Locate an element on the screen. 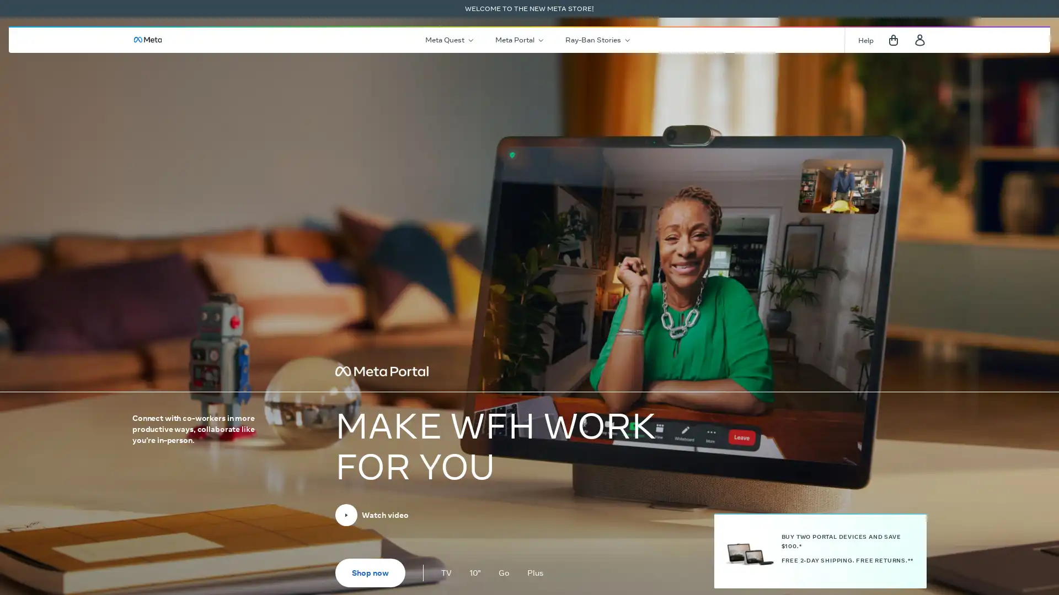 The width and height of the screenshot is (1059, 595). Watch video is located at coordinates (372, 515).